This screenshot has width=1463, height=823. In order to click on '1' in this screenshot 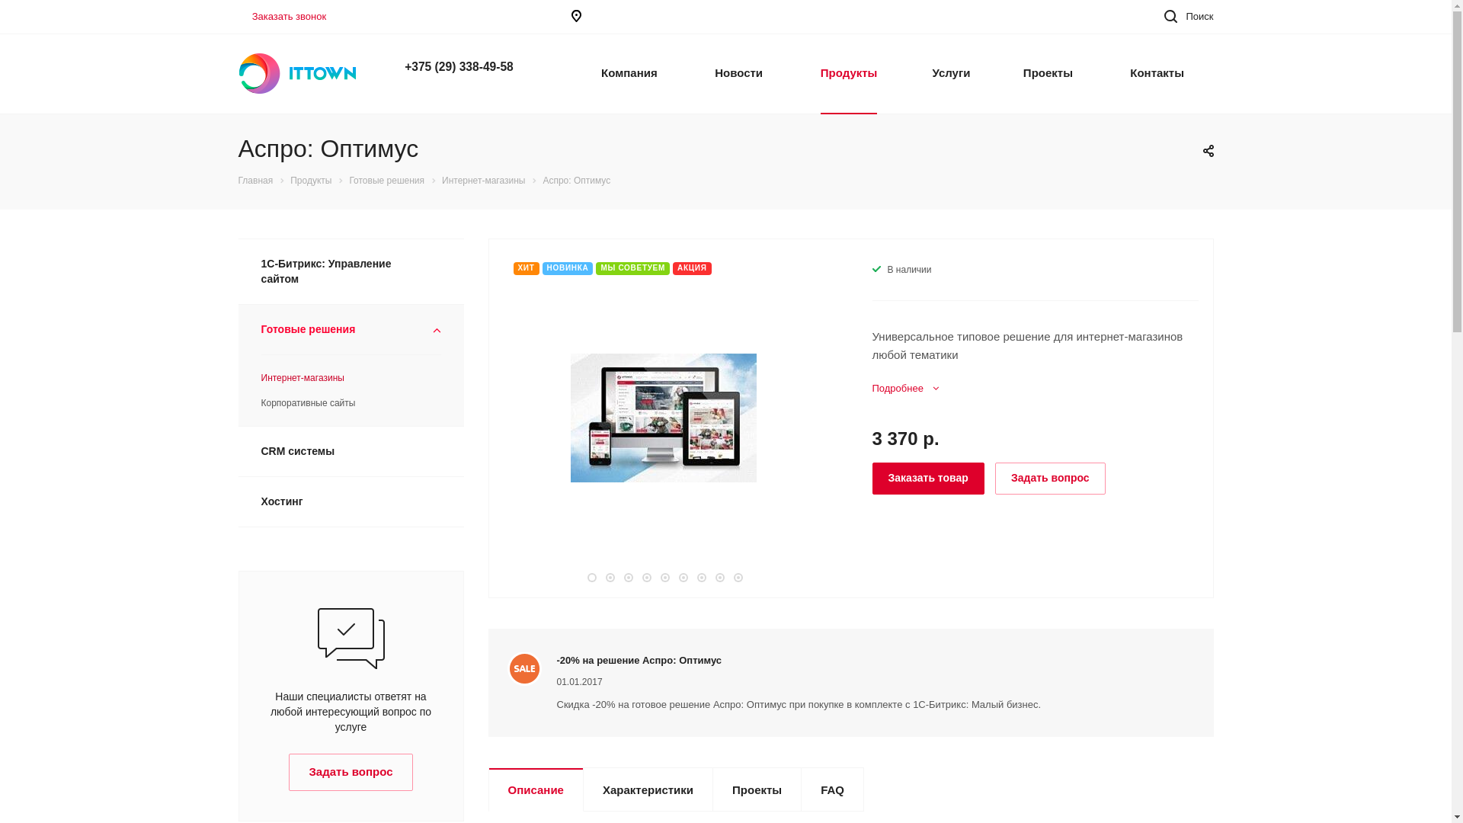, I will do `click(591, 578)`.